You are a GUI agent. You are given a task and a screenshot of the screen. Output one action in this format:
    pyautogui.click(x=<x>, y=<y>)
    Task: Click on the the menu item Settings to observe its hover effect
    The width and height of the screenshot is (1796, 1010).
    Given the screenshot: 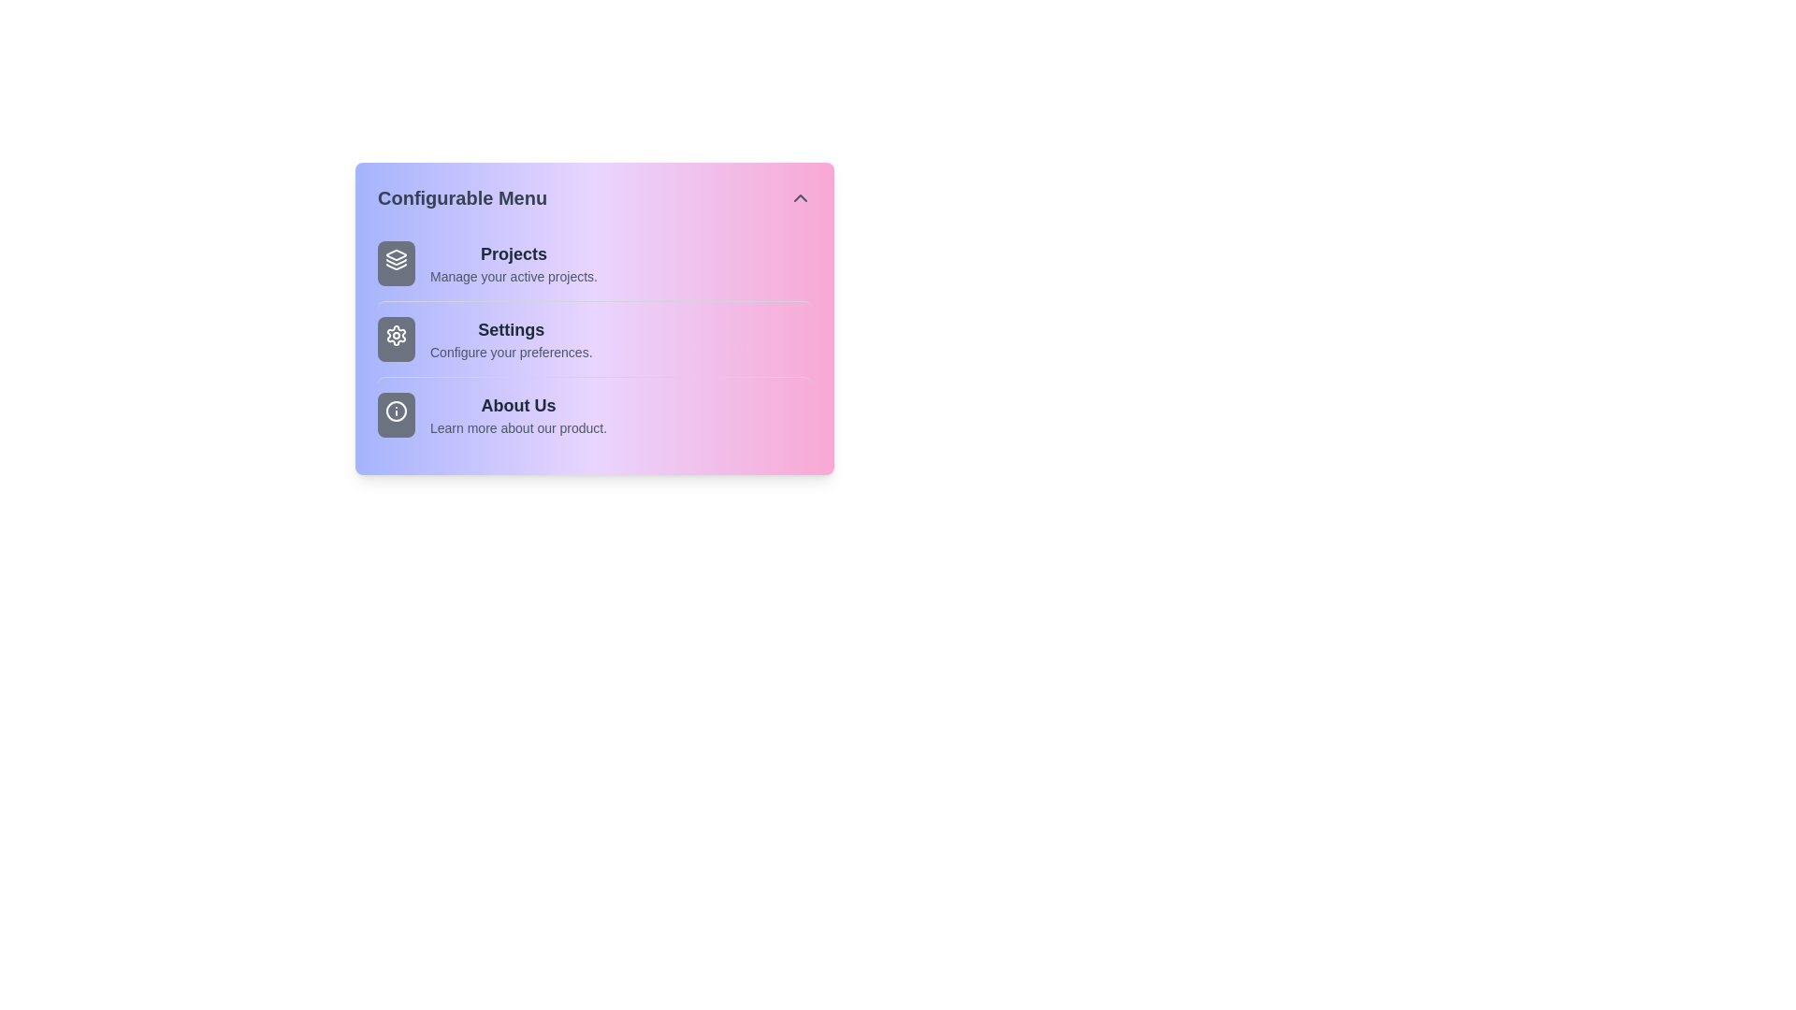 What is the action you would take?
    pyautogui.click(x=593, y=339)
    